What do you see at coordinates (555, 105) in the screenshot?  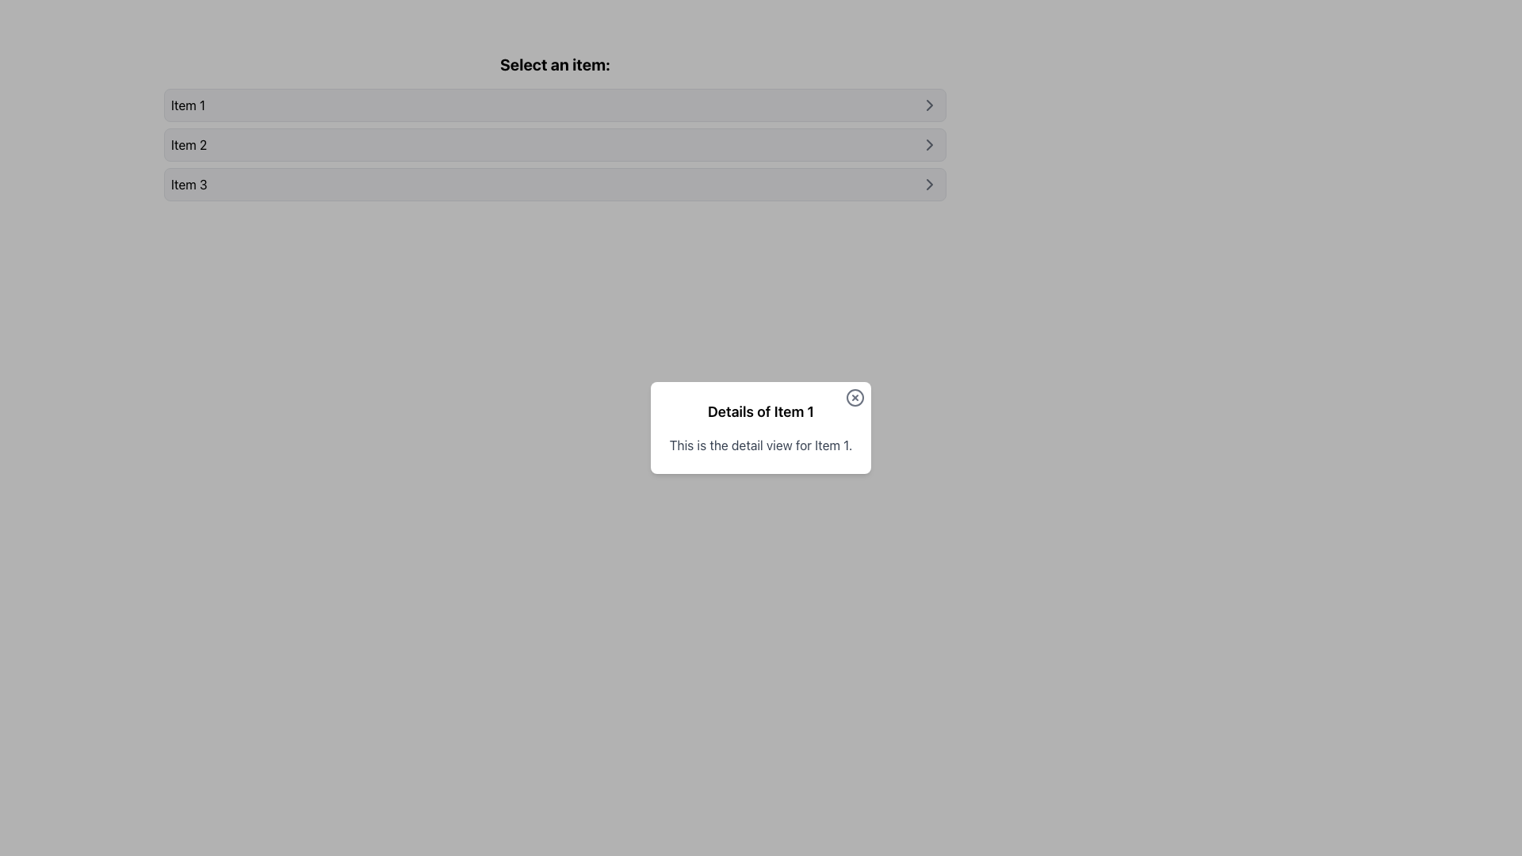 I see `the first button in the list that allows interaction with 'Item 1', which is positioned below the title 'Select an item:' and above 'Item 2' and 'Item 3', to trigger hover effects` at bounding box center [555, 105].